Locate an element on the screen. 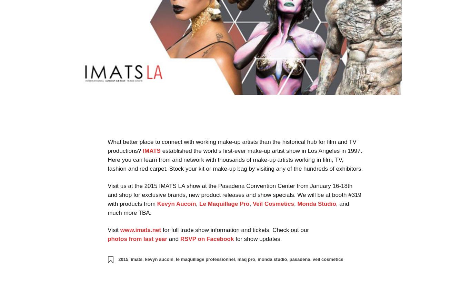 This screenshot has width=471, height=286. '2015' is located at coordinates (118, 259).